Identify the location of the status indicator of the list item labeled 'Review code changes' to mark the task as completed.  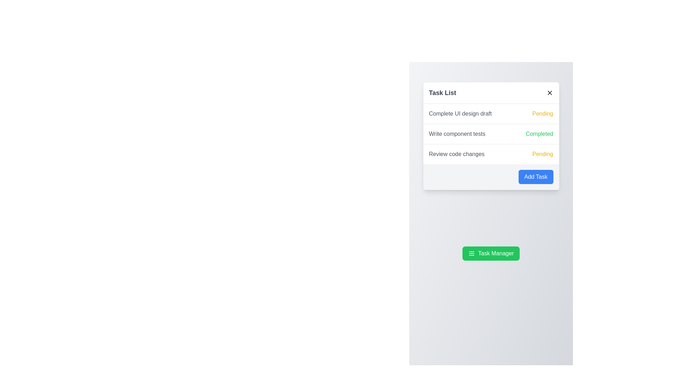
(491, 154).